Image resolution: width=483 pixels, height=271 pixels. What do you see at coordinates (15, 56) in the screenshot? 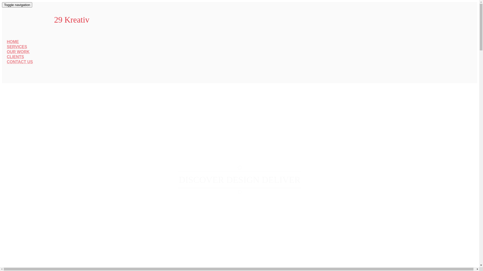
I see `'CLIENTS'` at bounding box center [15, 56].